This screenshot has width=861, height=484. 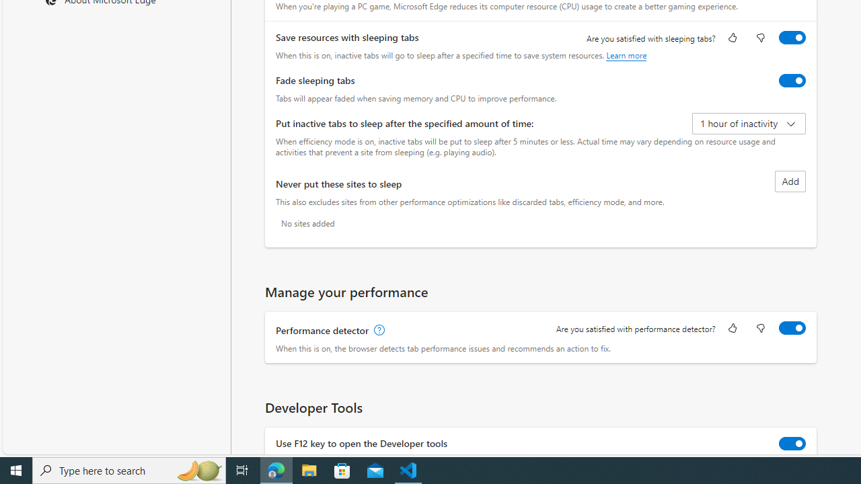 What do you see at coordinates (792, 328) in the screenshot?
I see `'Performance detector'` at bounding box center [792, 328].